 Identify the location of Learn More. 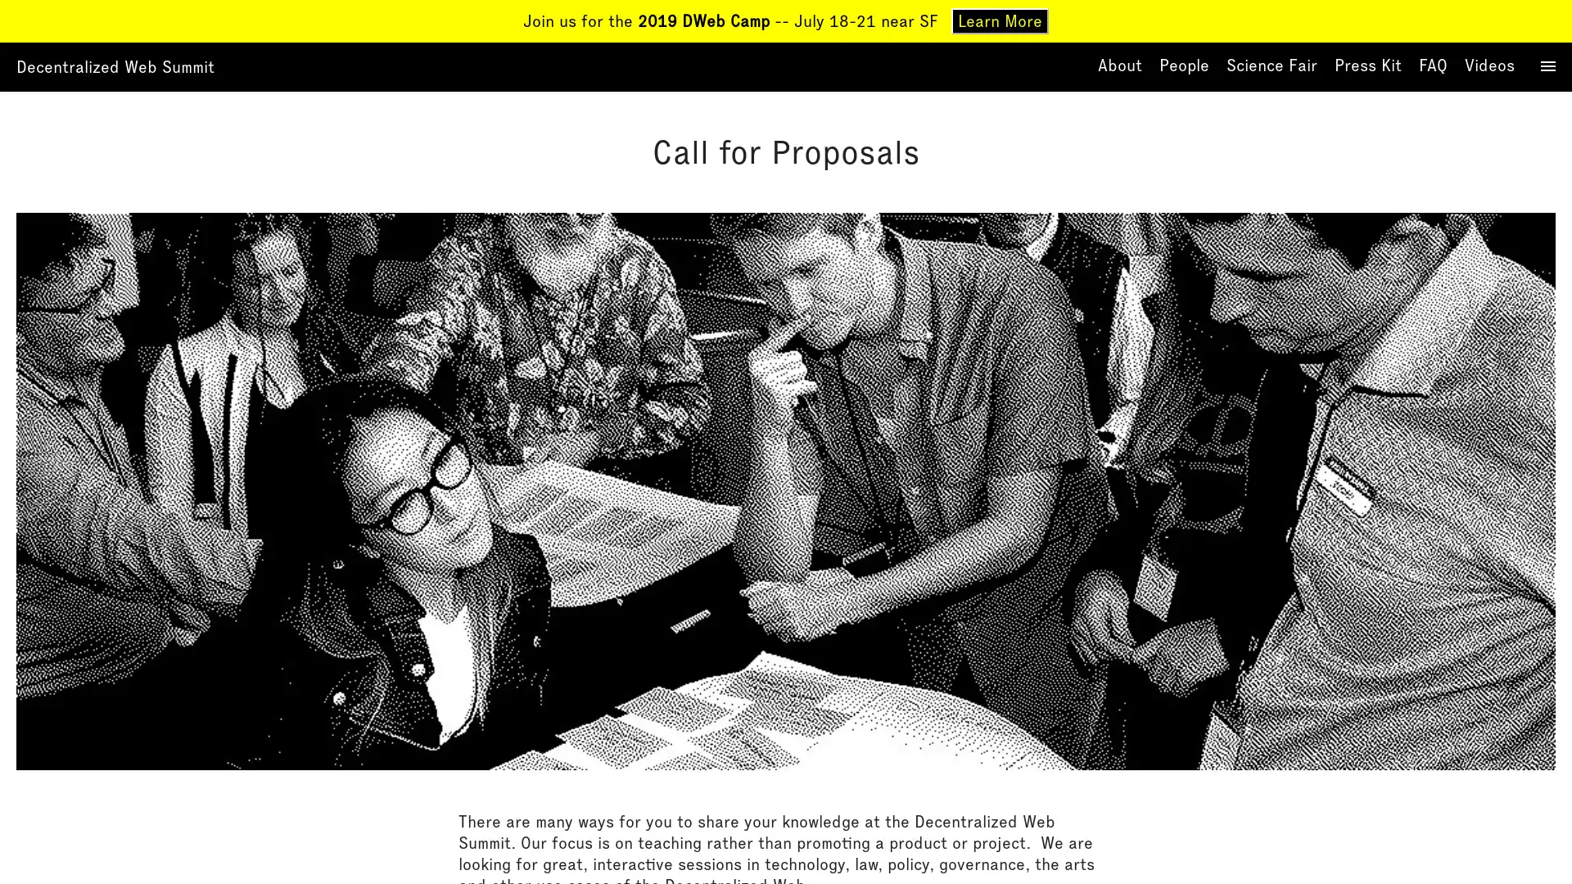
(999, 21).